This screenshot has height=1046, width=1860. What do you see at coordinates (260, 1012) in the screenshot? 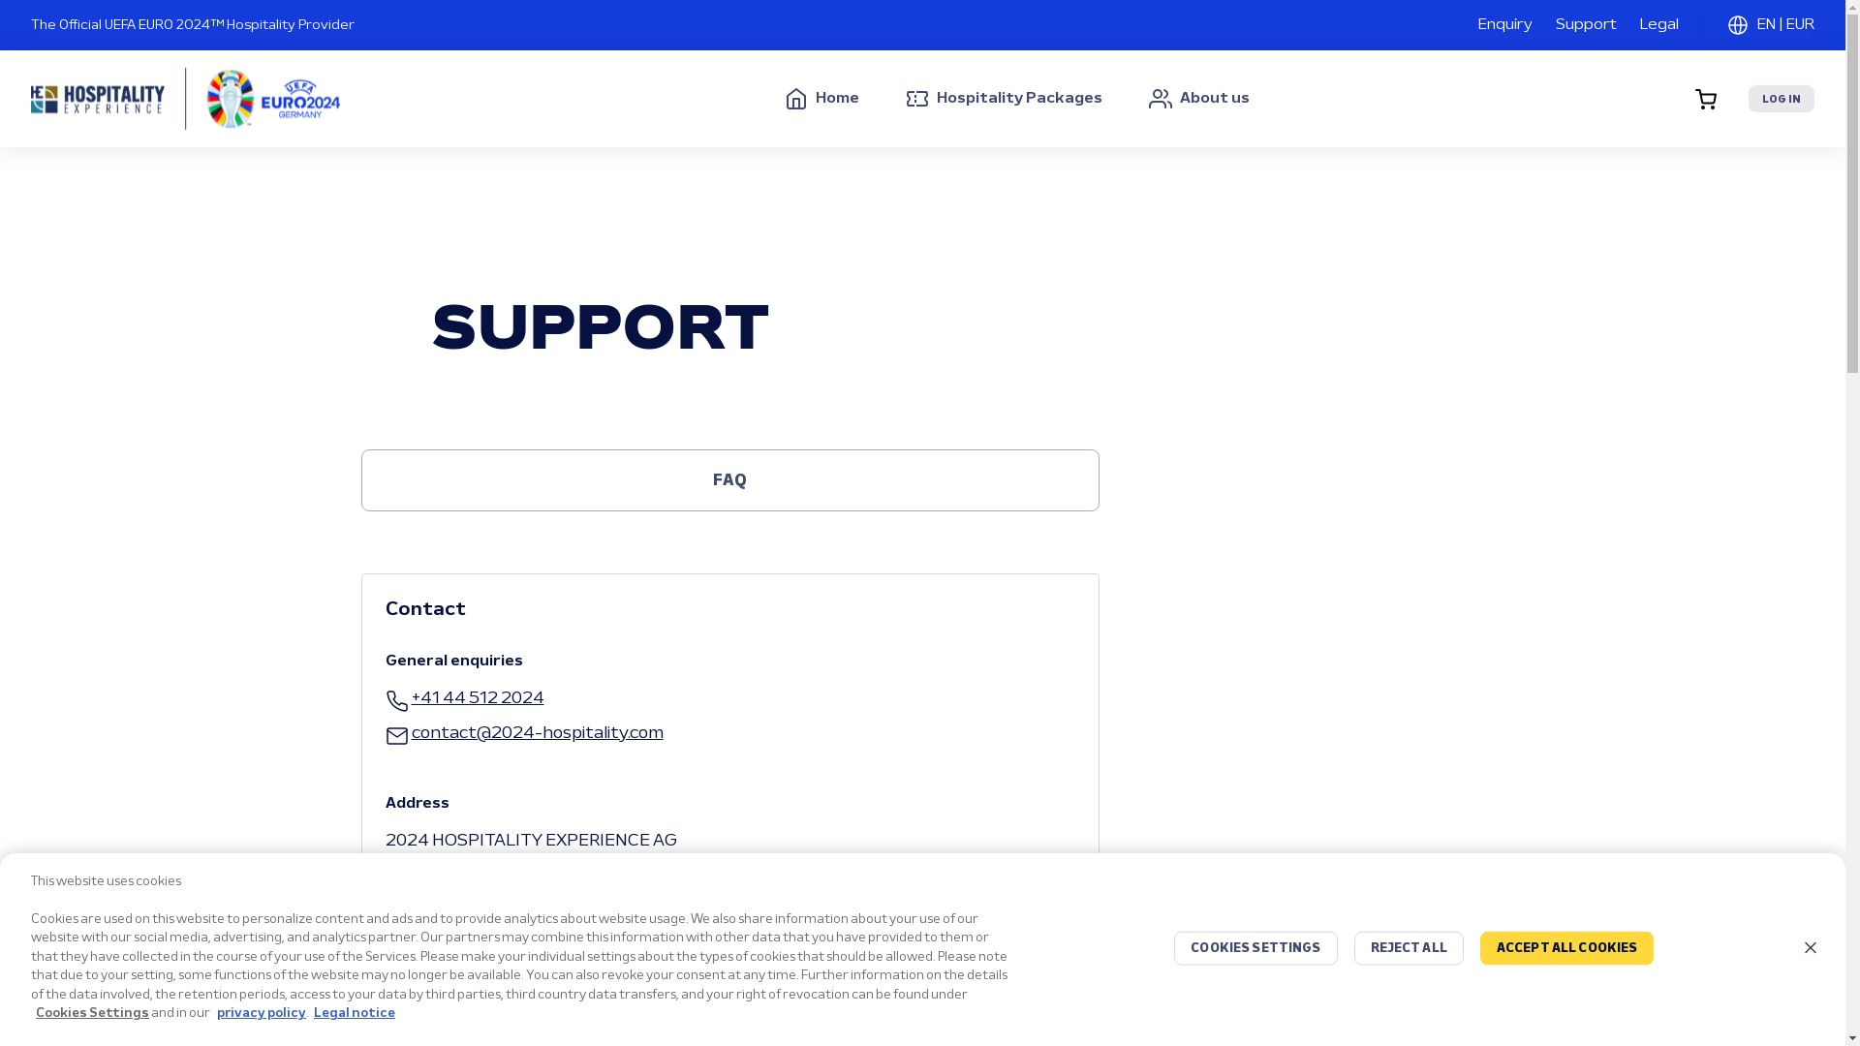
I see `'privacy policy'` at bounding box center [260, 1012].